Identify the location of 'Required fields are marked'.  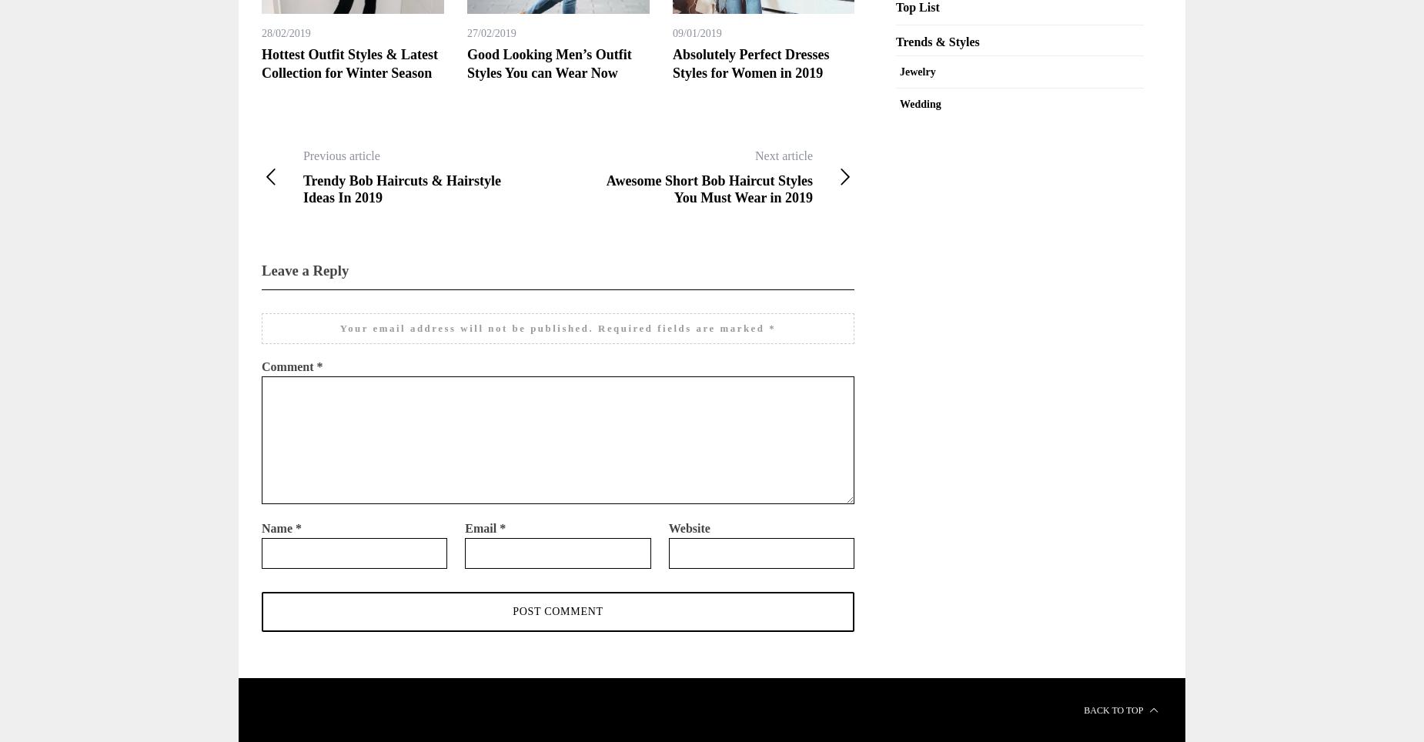
(684, 326).